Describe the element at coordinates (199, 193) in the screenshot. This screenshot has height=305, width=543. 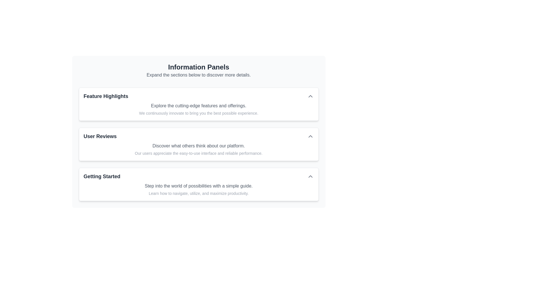
I see `the descriptive text element located in the 'Getting Started' panel, which provides guidance on engaging with the section, positioned below the line 'Step into the world of possibilities with a simple guide.'` at that location.